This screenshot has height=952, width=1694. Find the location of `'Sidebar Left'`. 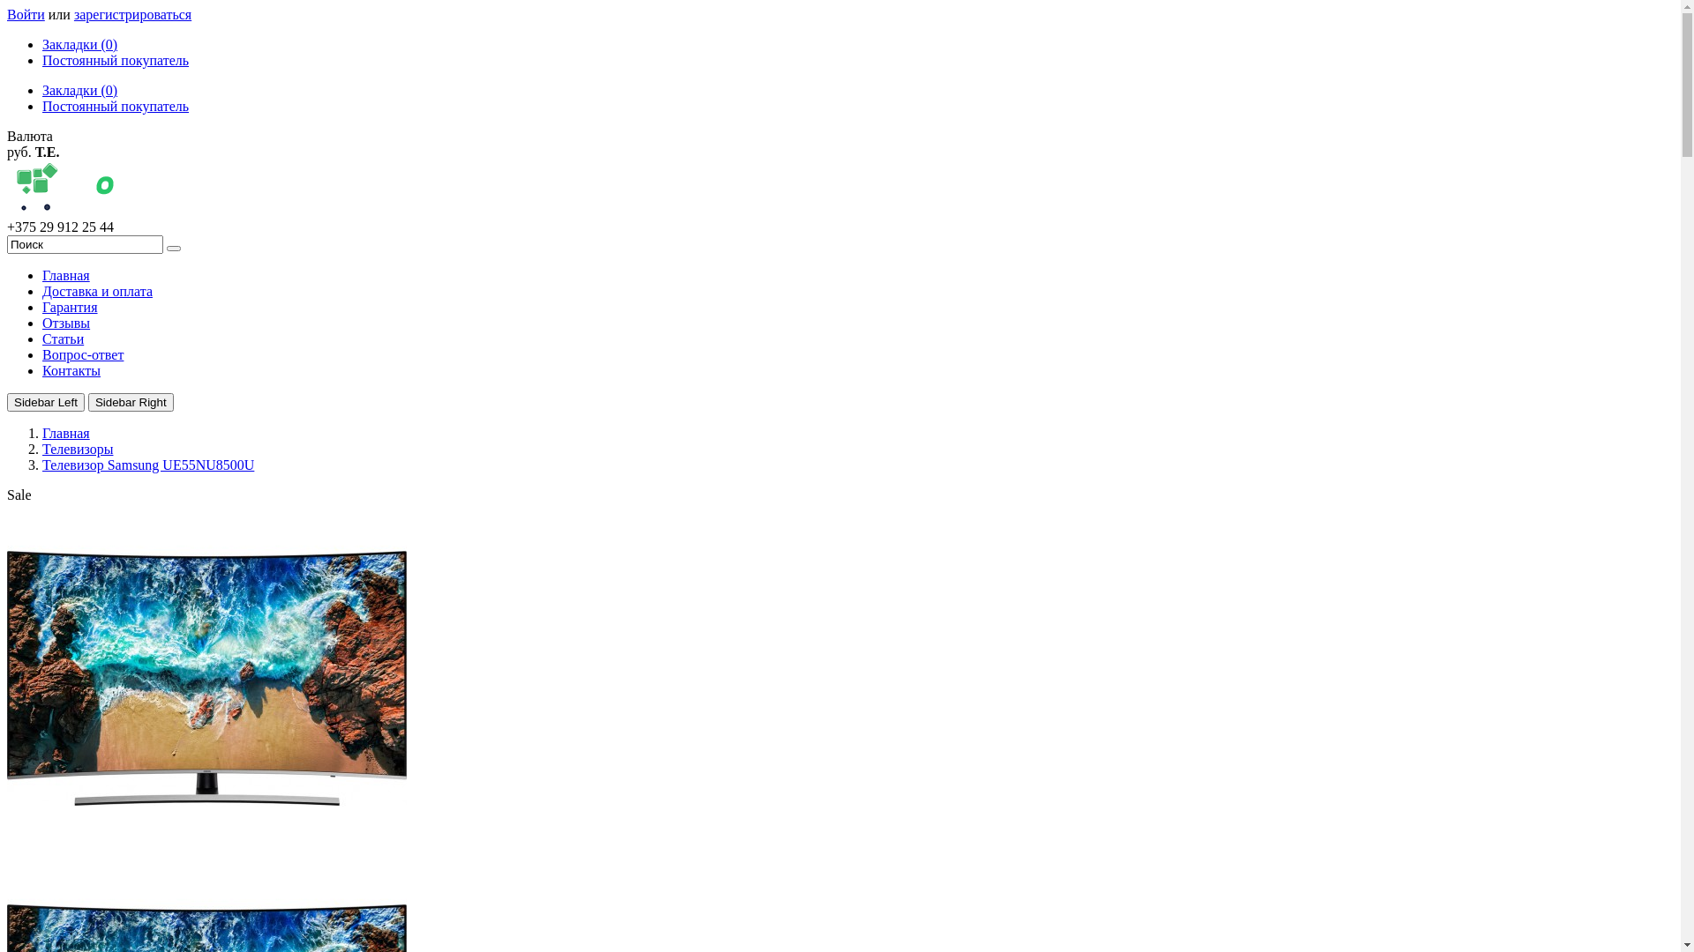

'Sidebar Left' is located at coordinates (46, 402).